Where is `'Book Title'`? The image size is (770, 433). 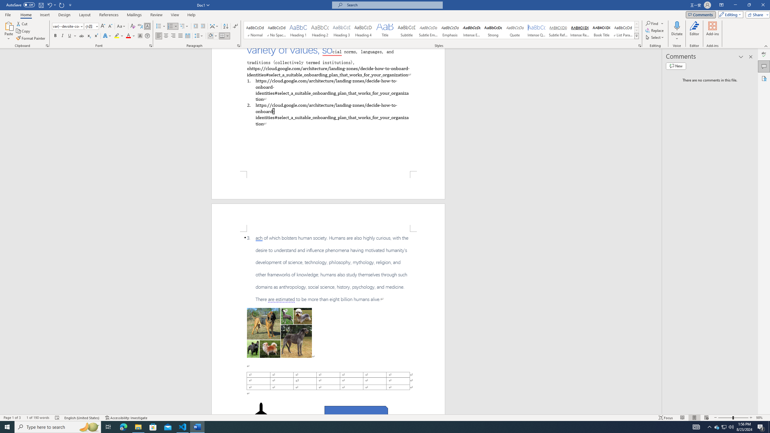
'Book Title' is located at coordinates (601, 30).